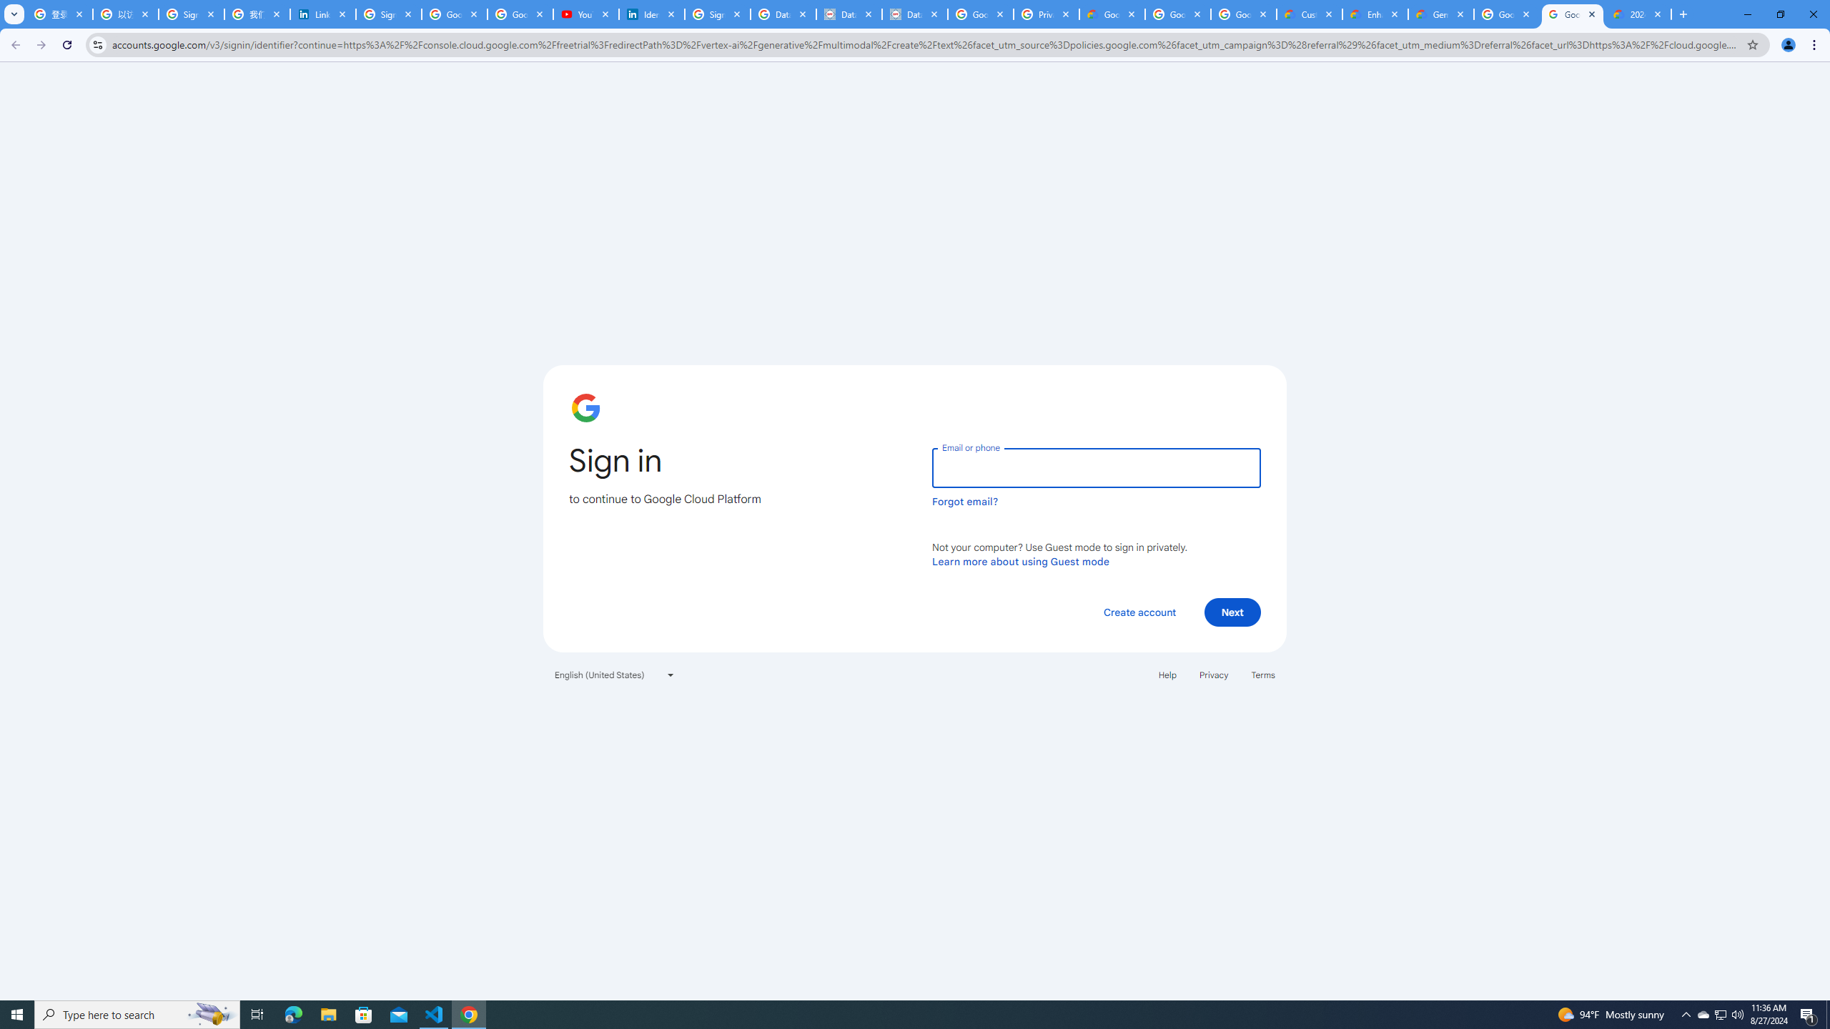 Image resolution: width=1830 pixels, height=1029 pixels. Describe the element at coordinates (322, 14) in the screenshot. I see `'LinkedIn Privacy Policy'` at that location.